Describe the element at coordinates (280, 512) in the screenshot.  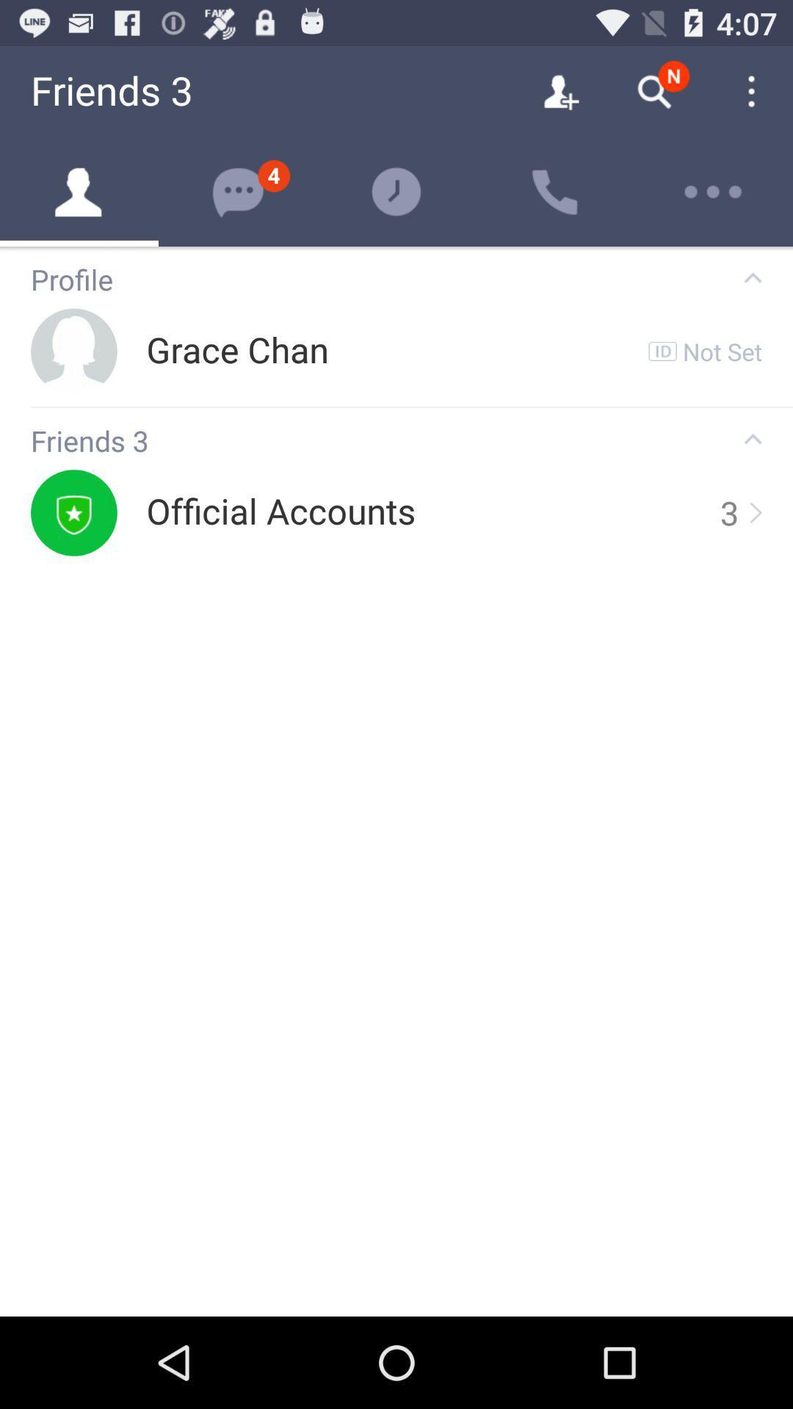
I see `the icon to the left of the 3 icon` at that location.